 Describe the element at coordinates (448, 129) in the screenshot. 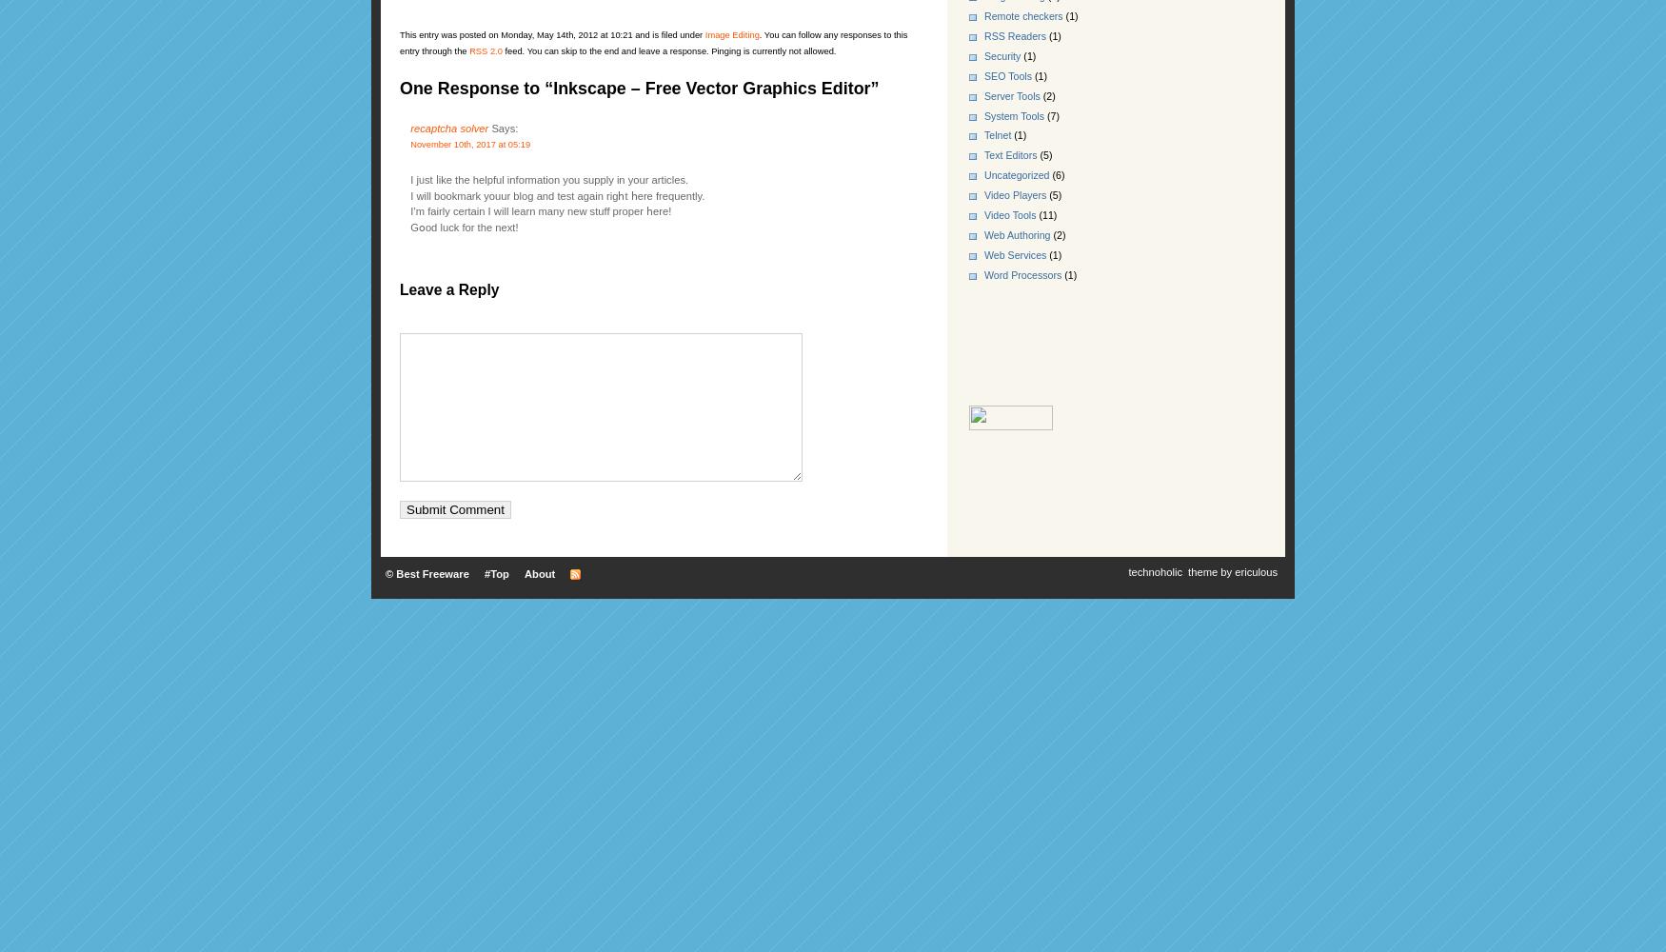

I see `'recaptcha solver'` at that location.